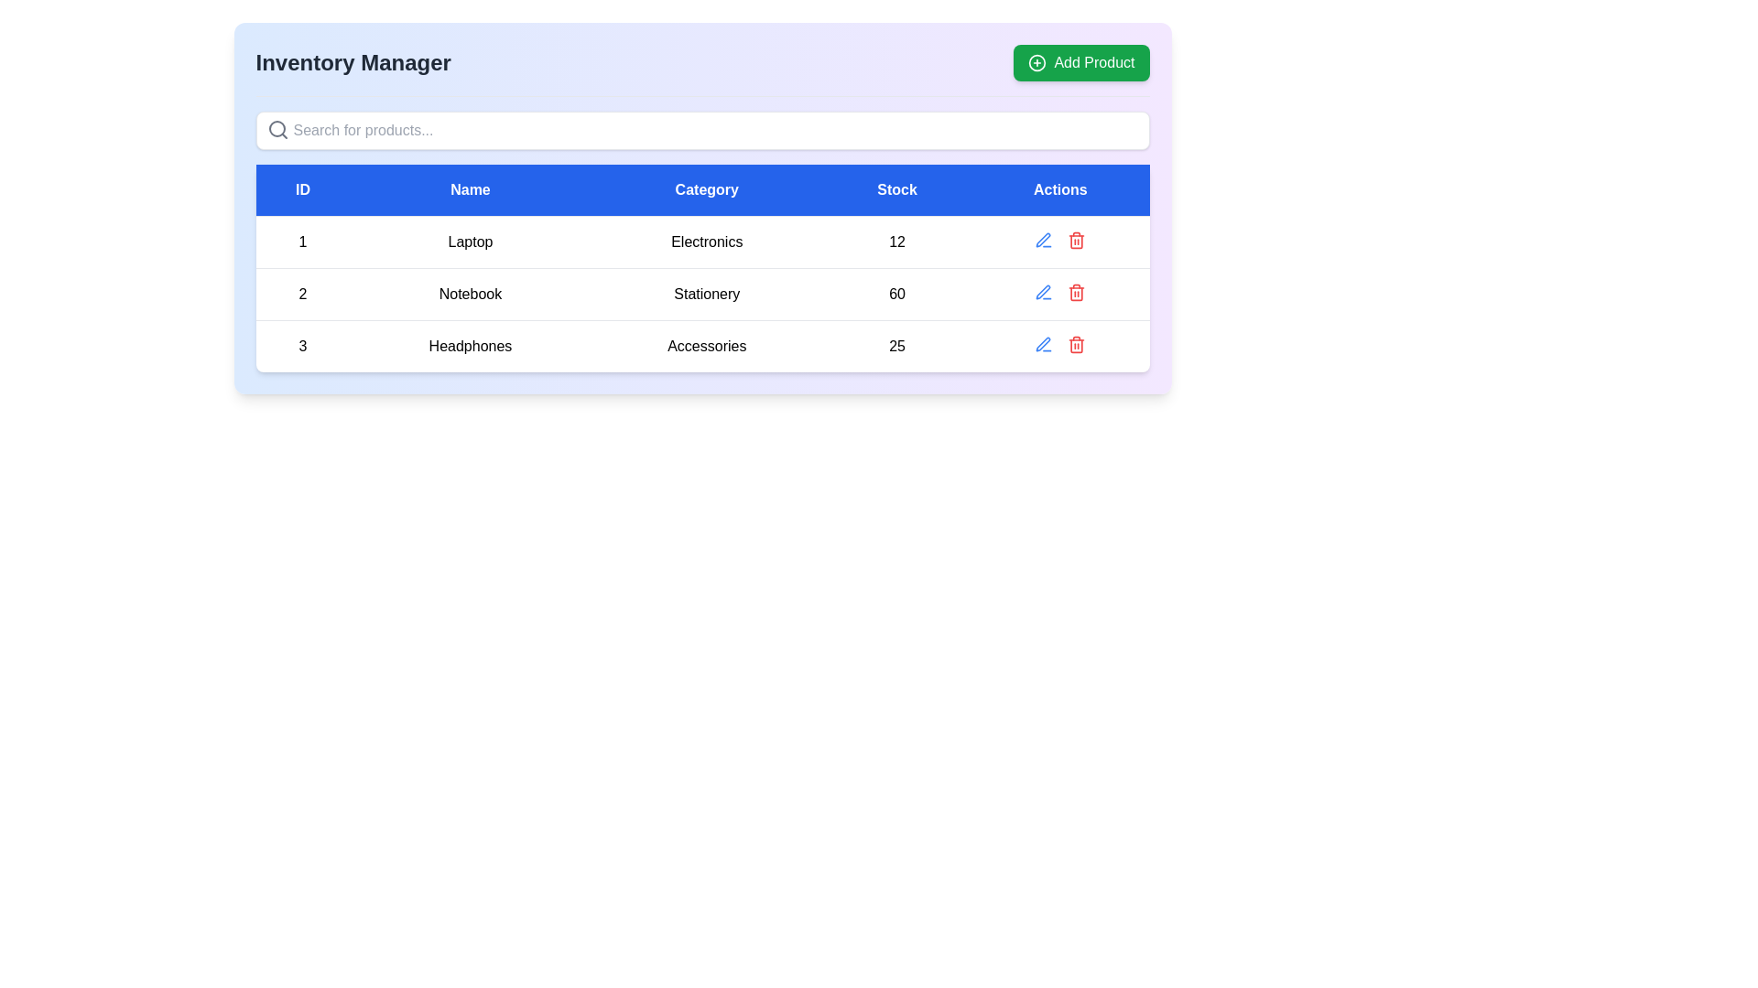 The height and width of the screenshot is (988, 1758). I want to click on the bold numeral '1' in the first cell of the first row under the 'ID' column in the table, so click(303, 242).